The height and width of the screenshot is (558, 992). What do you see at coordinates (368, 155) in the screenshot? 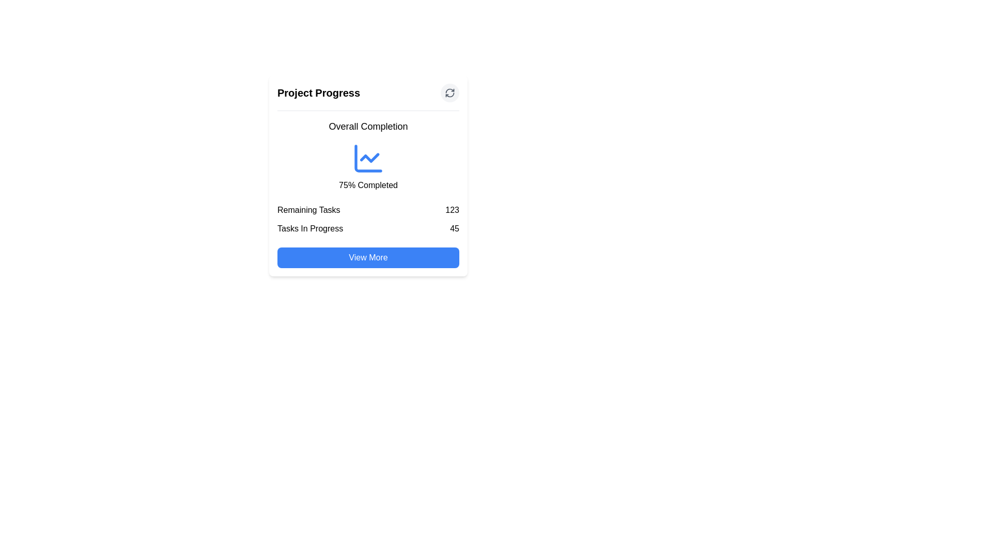
I see `the Information Display Section that shows the project completion percentage, located beneath the 'Project Progress' header` at bounding box center [368, 155].